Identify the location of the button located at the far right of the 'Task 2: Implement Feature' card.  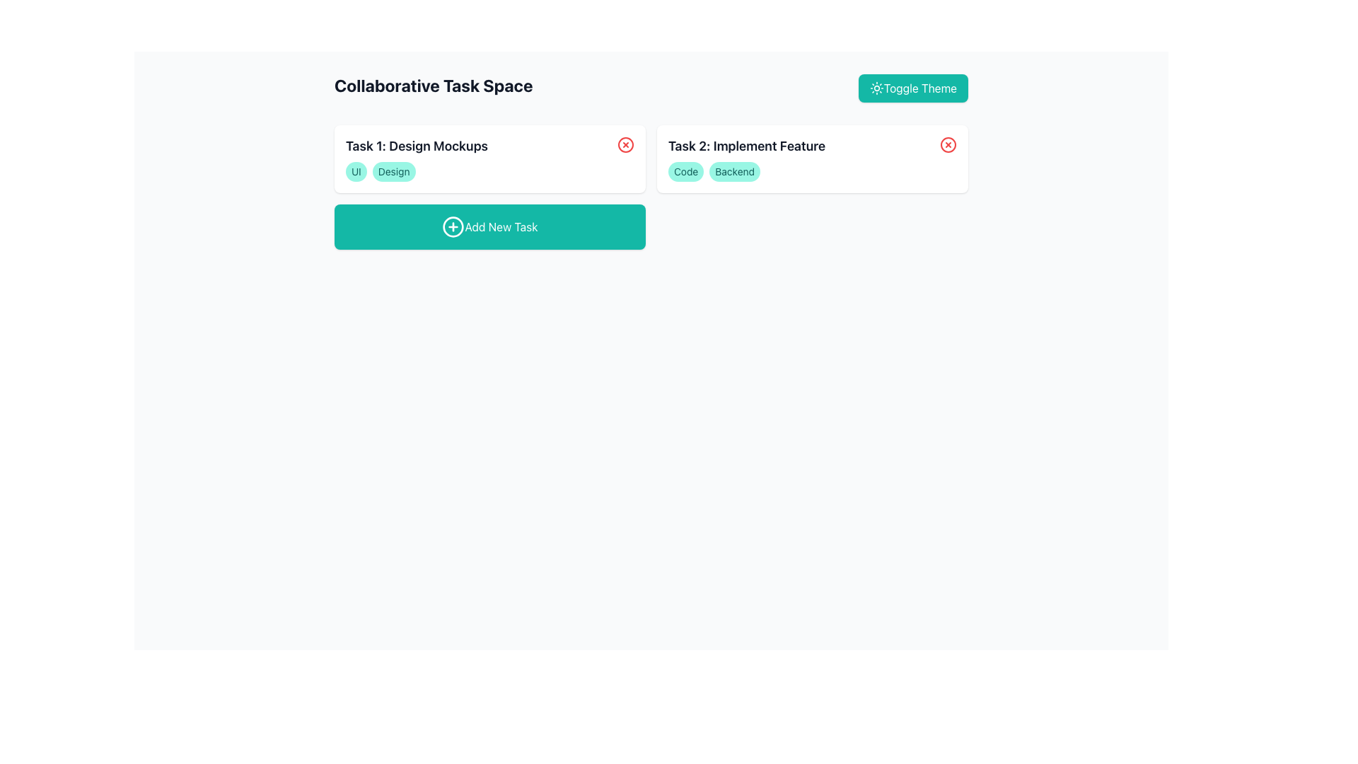
(948, 144).